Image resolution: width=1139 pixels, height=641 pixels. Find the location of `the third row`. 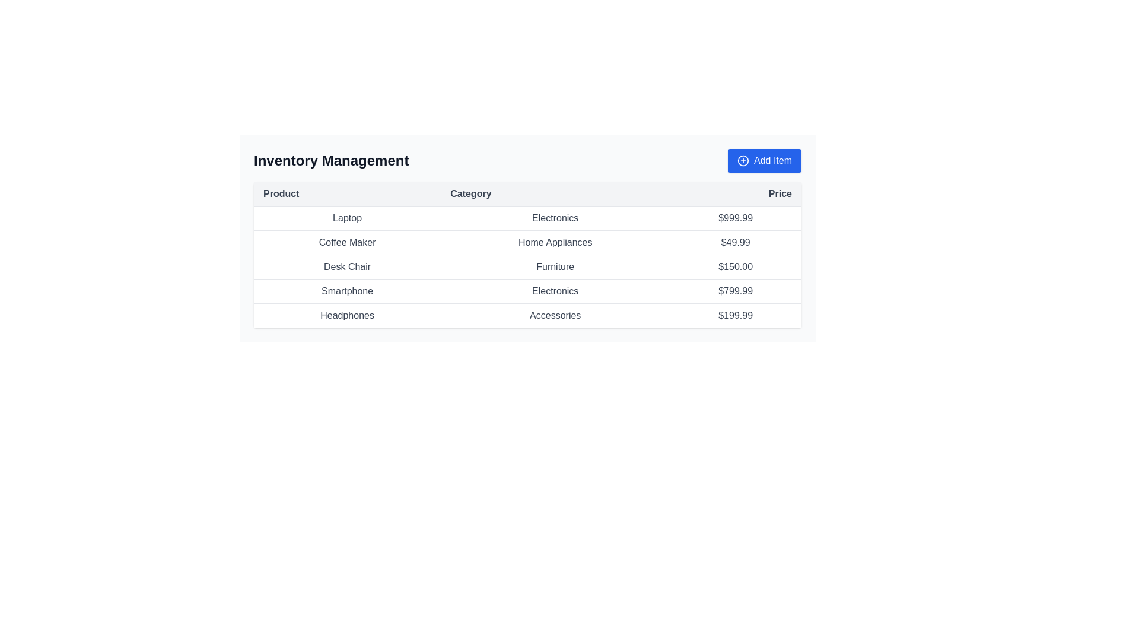

the third row is located at coordinates (527, 267).